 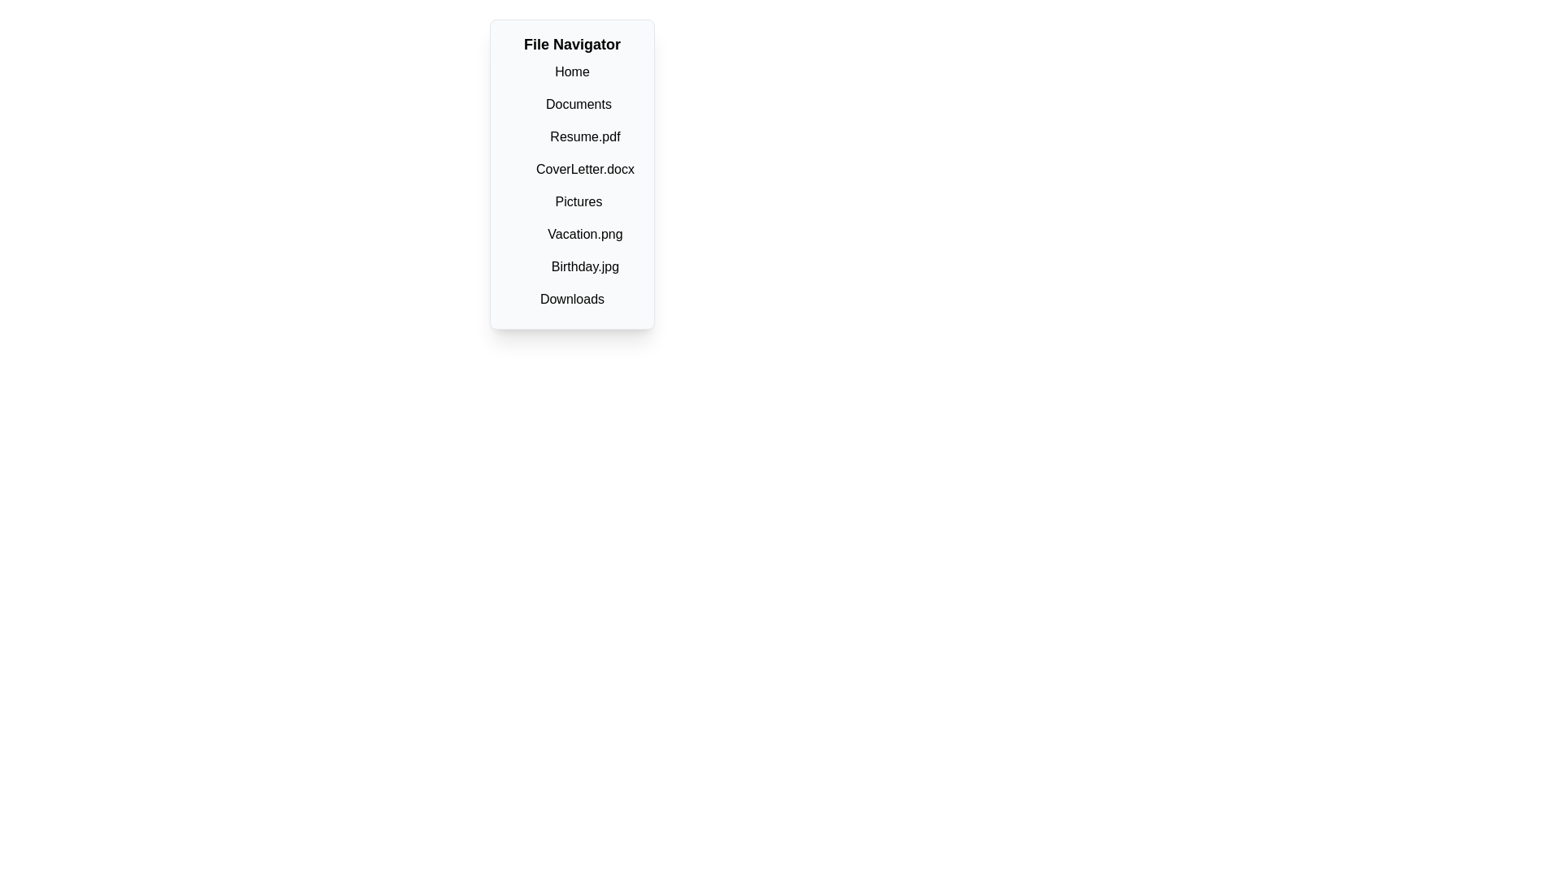 What do you see at coordinates (572, 300) in the screenshot?
I see `the 'Downloads' text label located at the bottom of the menu, just below the 'Birthday.jpg' item` at bounding box center [572, 300].